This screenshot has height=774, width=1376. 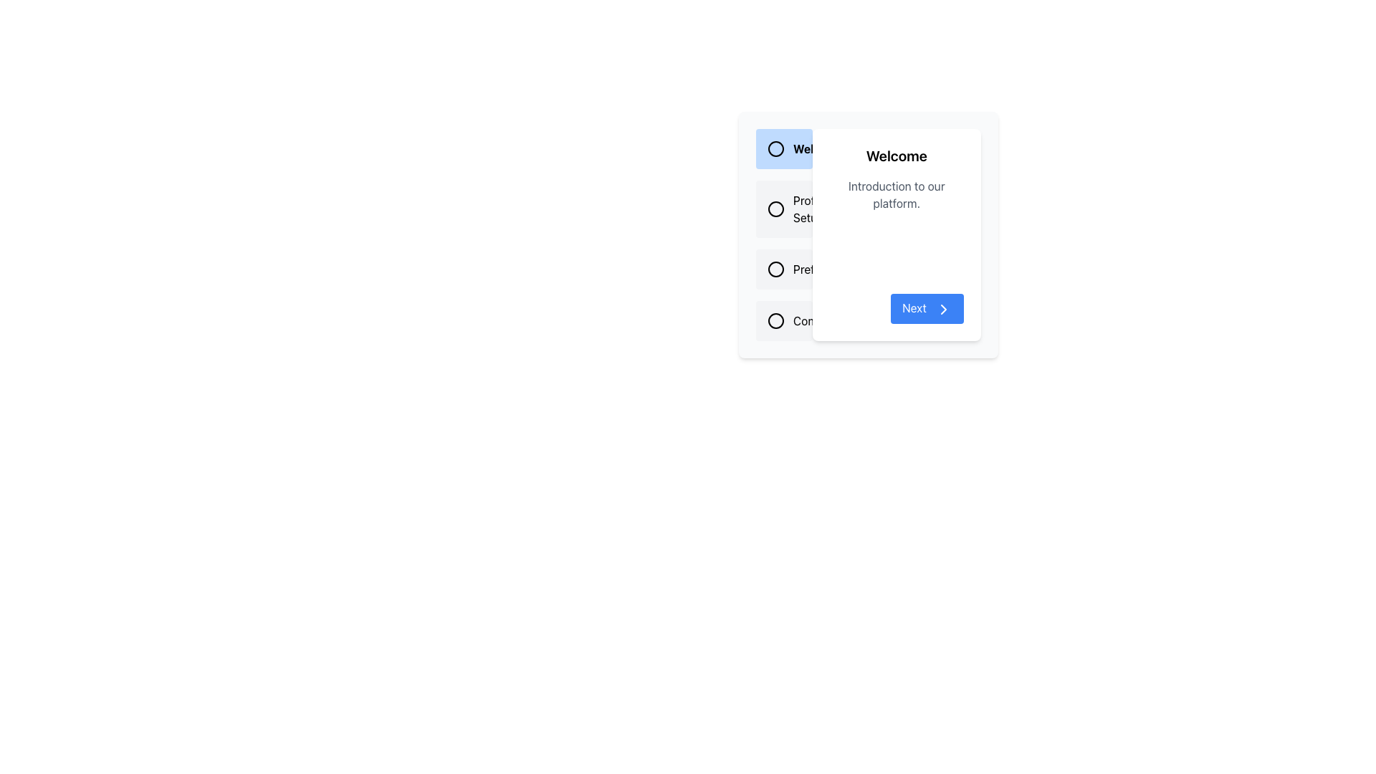 I want to click on the circular visual marker in the second row labeled 'Product Setup', so click(x=775, y=209).